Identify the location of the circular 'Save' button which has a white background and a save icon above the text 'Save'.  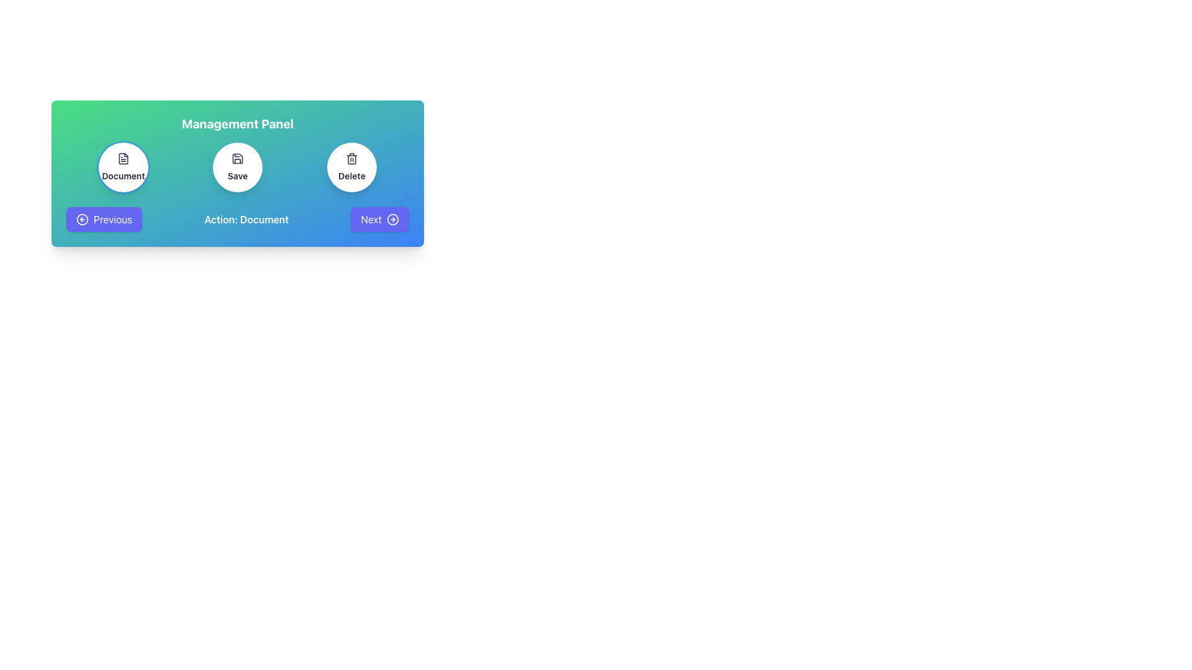
(238, 167).